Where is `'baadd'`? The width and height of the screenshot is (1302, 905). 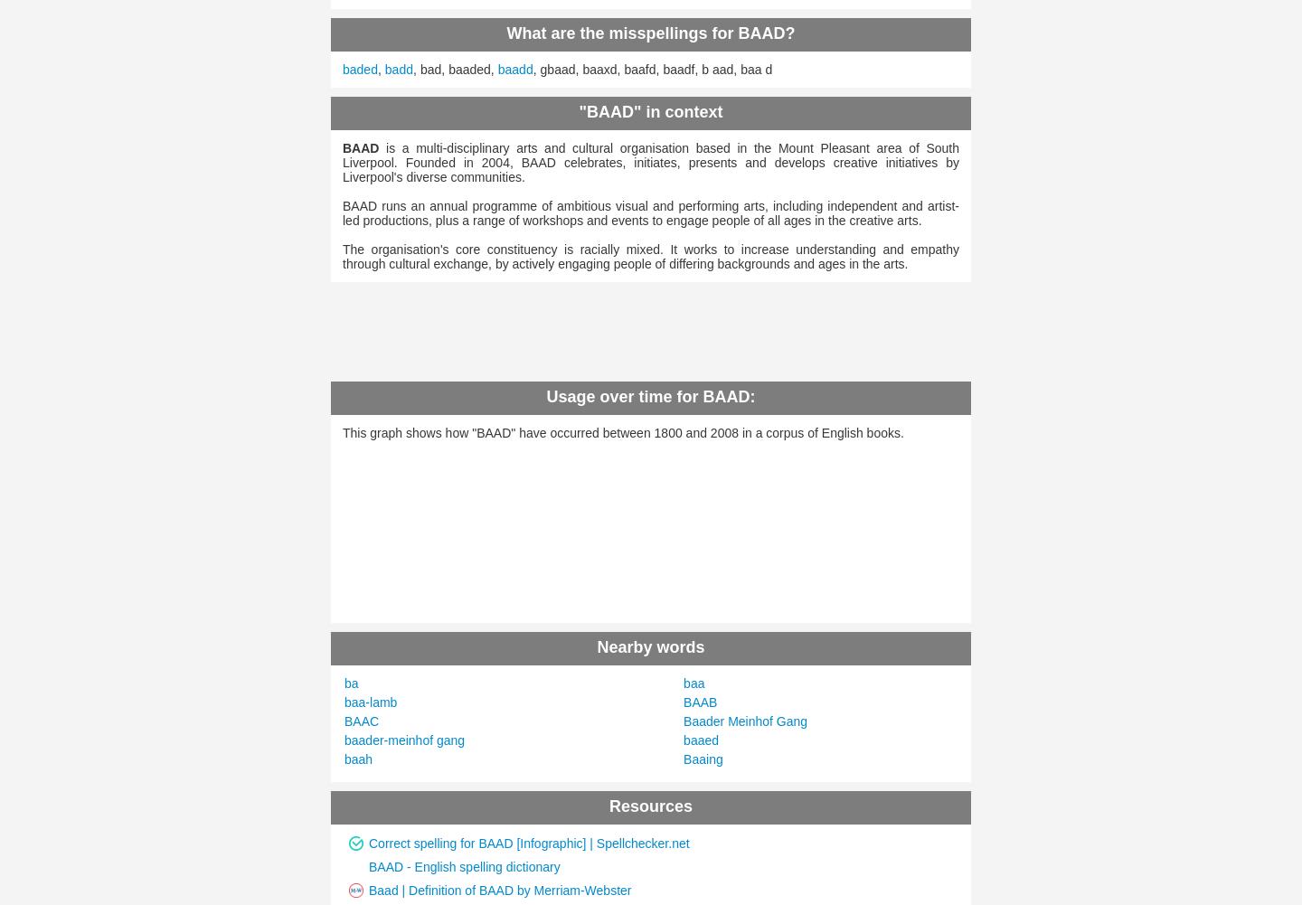 'baadd' is located at coordinates (514, 68).